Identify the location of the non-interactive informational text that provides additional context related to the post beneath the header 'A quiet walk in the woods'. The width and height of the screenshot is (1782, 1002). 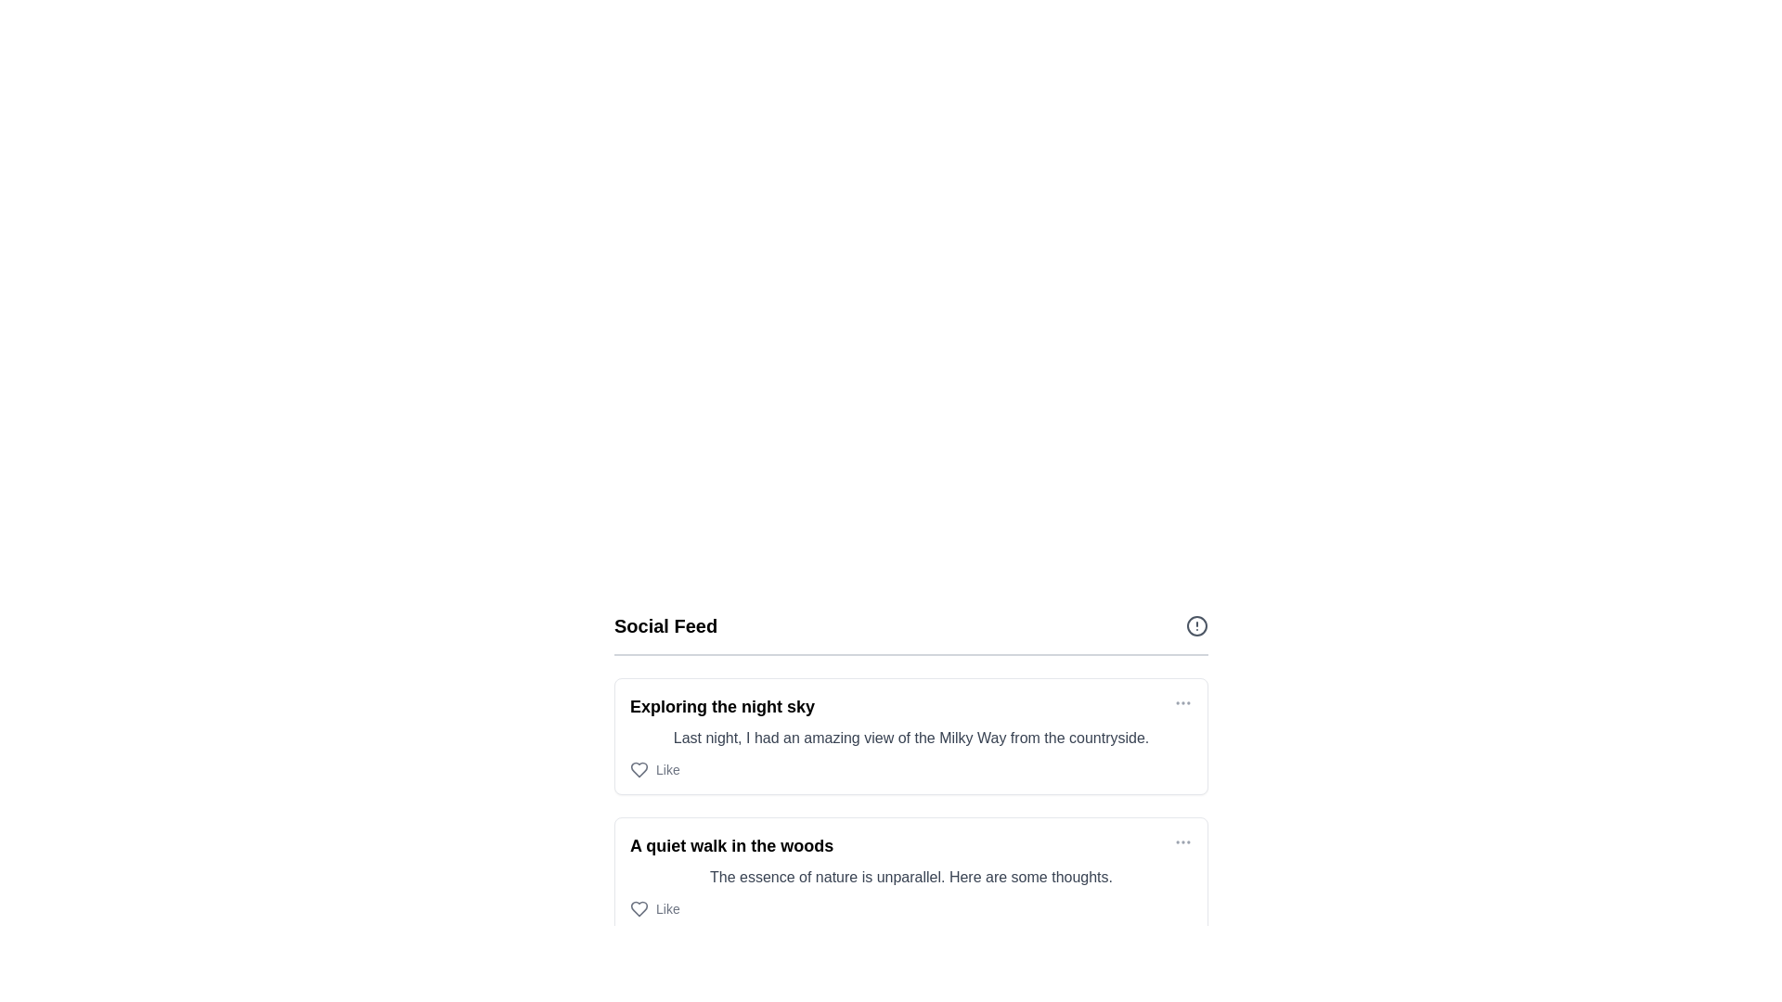
(911, 877).